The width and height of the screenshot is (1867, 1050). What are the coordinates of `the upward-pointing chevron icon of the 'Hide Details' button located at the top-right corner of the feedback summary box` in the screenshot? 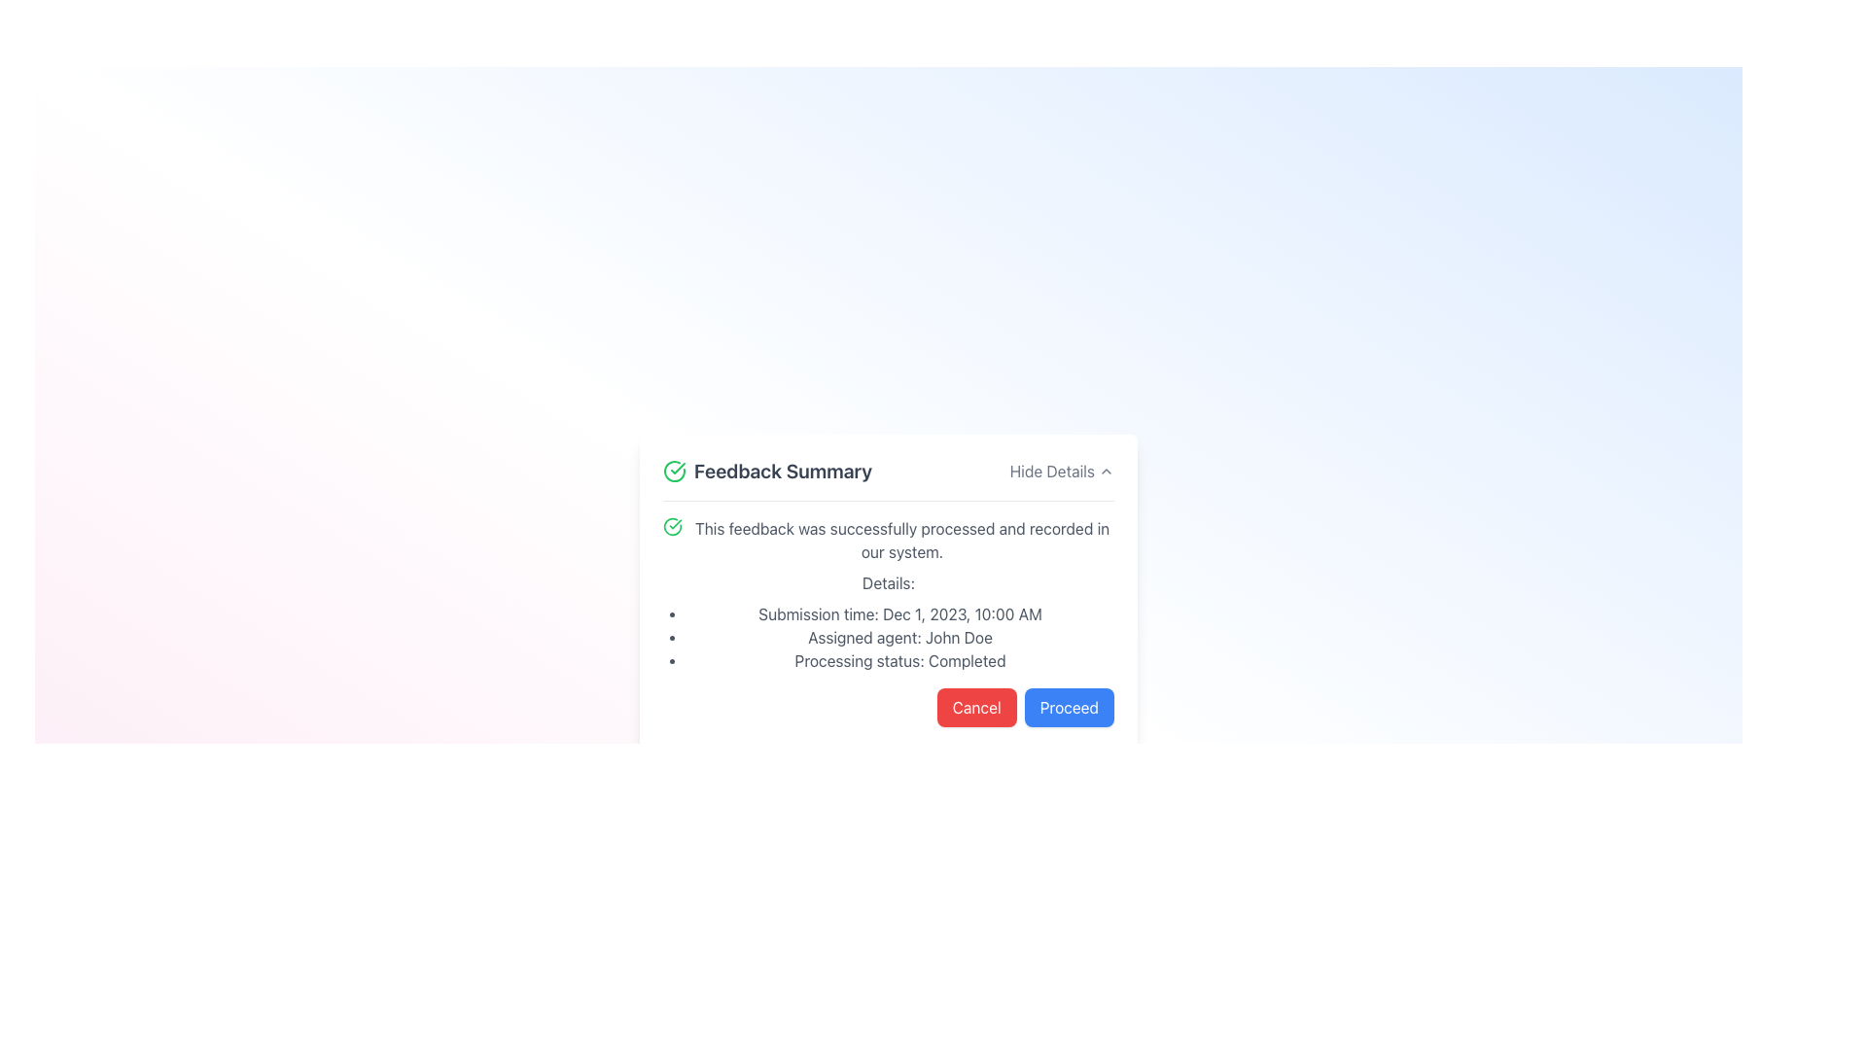 It's located at (1106, 470).